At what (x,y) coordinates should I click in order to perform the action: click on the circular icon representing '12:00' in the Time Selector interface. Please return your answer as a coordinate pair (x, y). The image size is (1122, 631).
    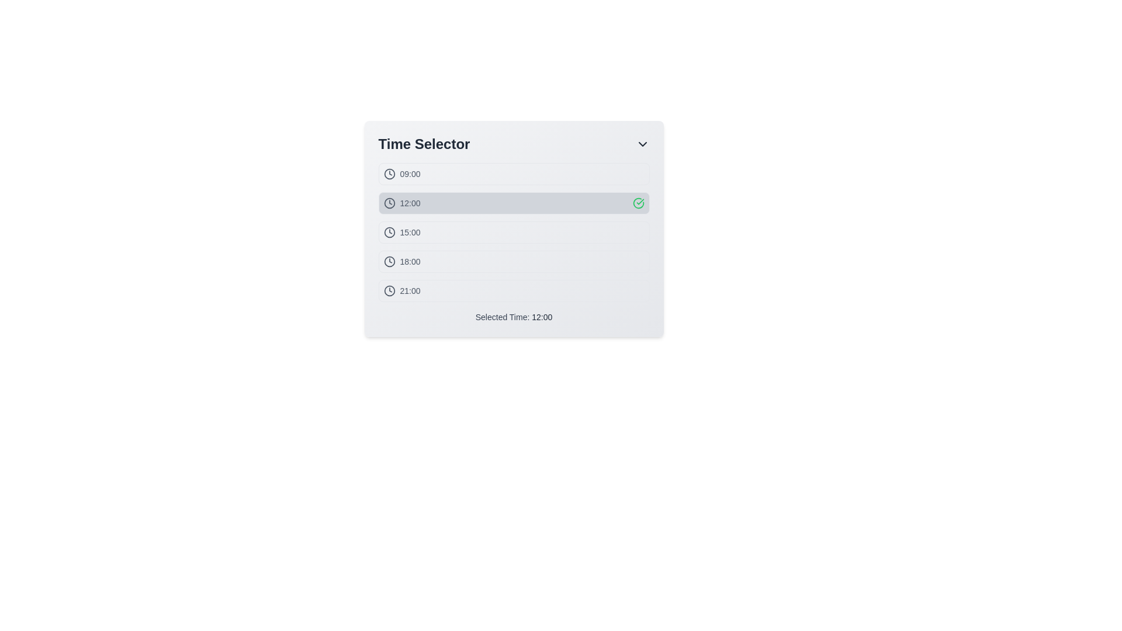
    Looking at the image, I should click on (389, 202).